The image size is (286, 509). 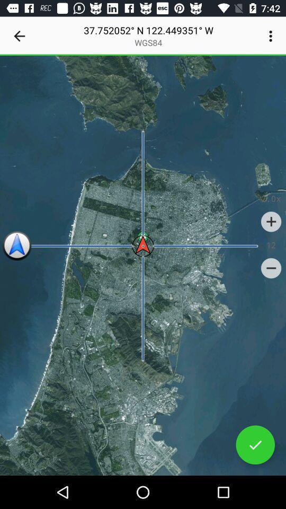 I want to click on the item above 2.0x, so click(x=272, y=36).